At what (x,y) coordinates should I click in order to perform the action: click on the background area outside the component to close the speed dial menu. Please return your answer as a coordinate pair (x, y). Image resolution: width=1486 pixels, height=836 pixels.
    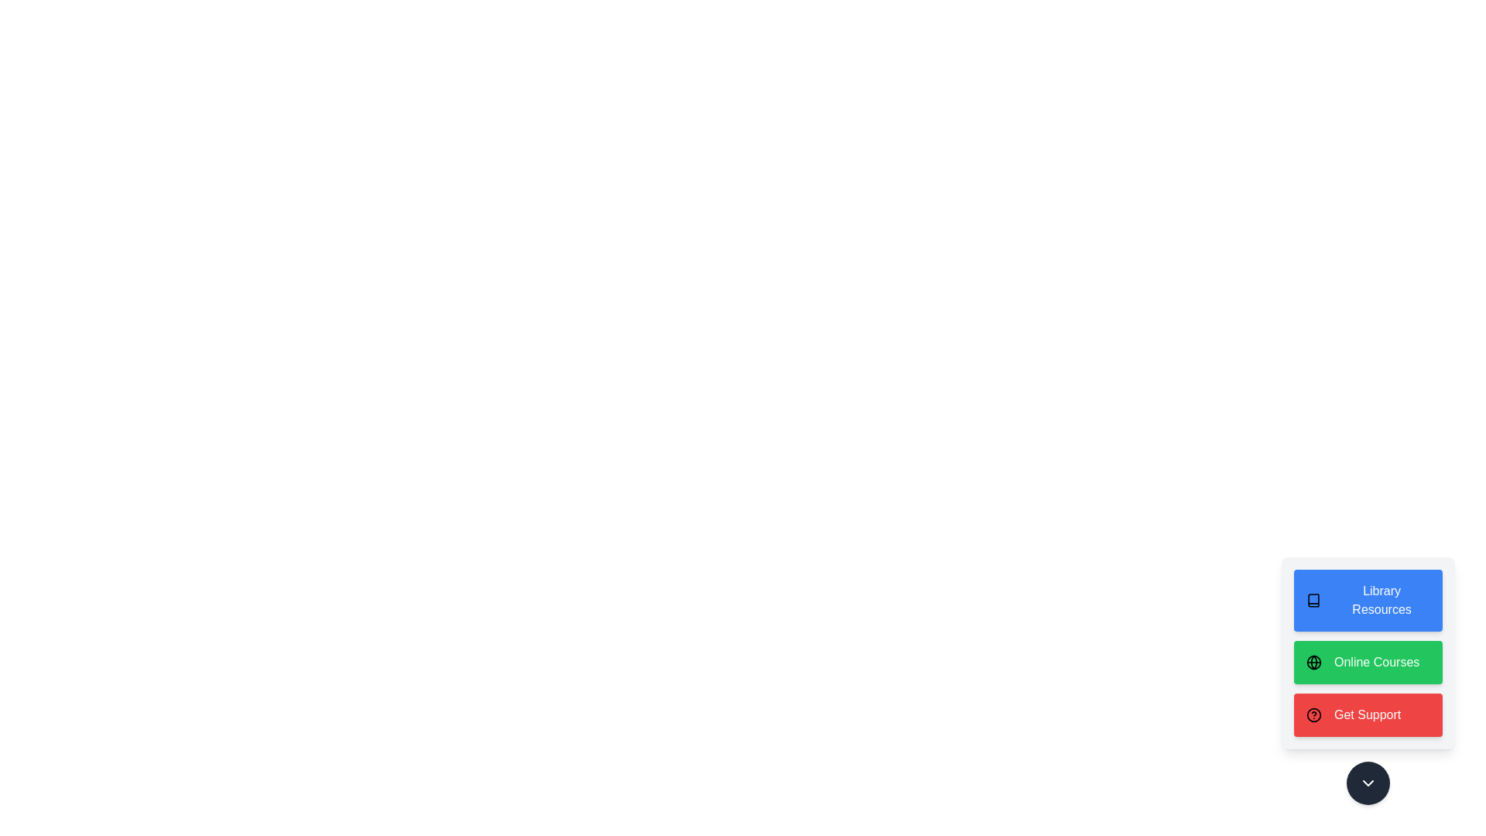
    Looking at the image, I should click on (77, 77).